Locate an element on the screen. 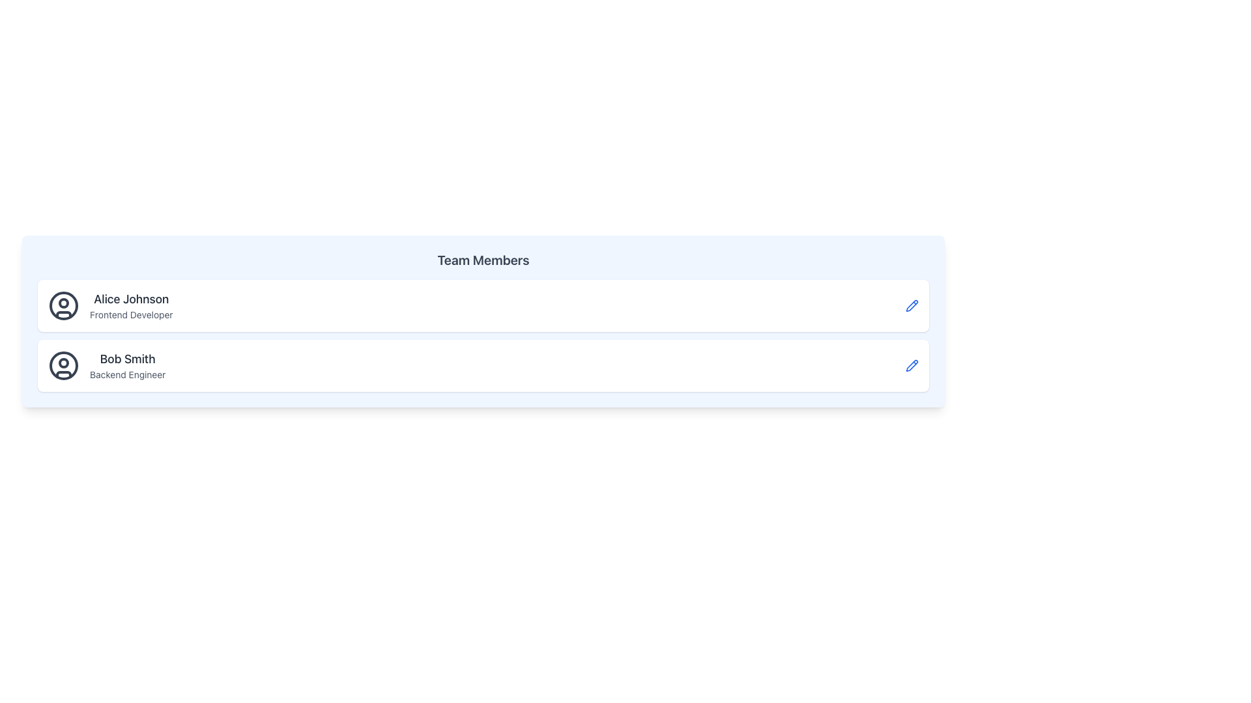 This screenshot has width=1251, height=703. the small black circular icon located at the center-top of the larger user icon circle, which is to the left of the text 'Bob Smith' and 'Backend Engineer' is located at coordinates (63, 363).